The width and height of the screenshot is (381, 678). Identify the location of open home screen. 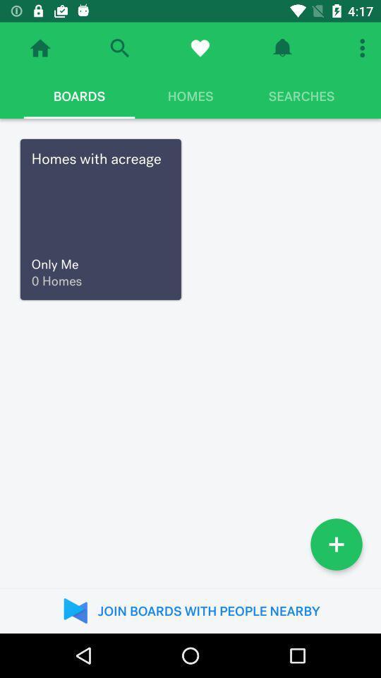
(40, 48).